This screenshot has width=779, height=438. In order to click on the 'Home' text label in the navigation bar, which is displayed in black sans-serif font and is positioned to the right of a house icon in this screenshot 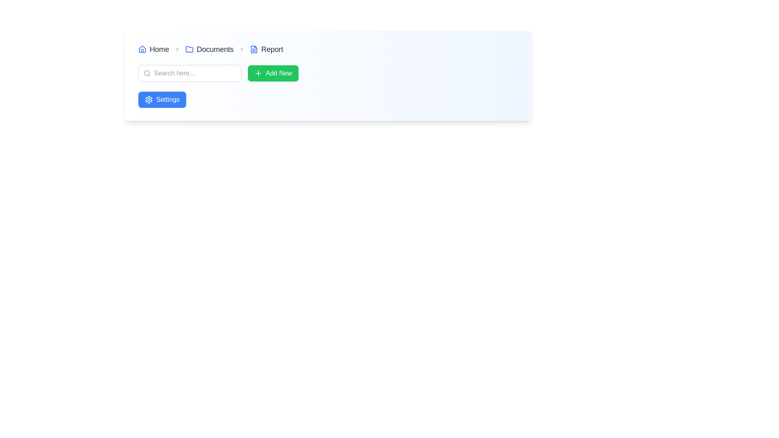, I will do `click(159, 49)`.